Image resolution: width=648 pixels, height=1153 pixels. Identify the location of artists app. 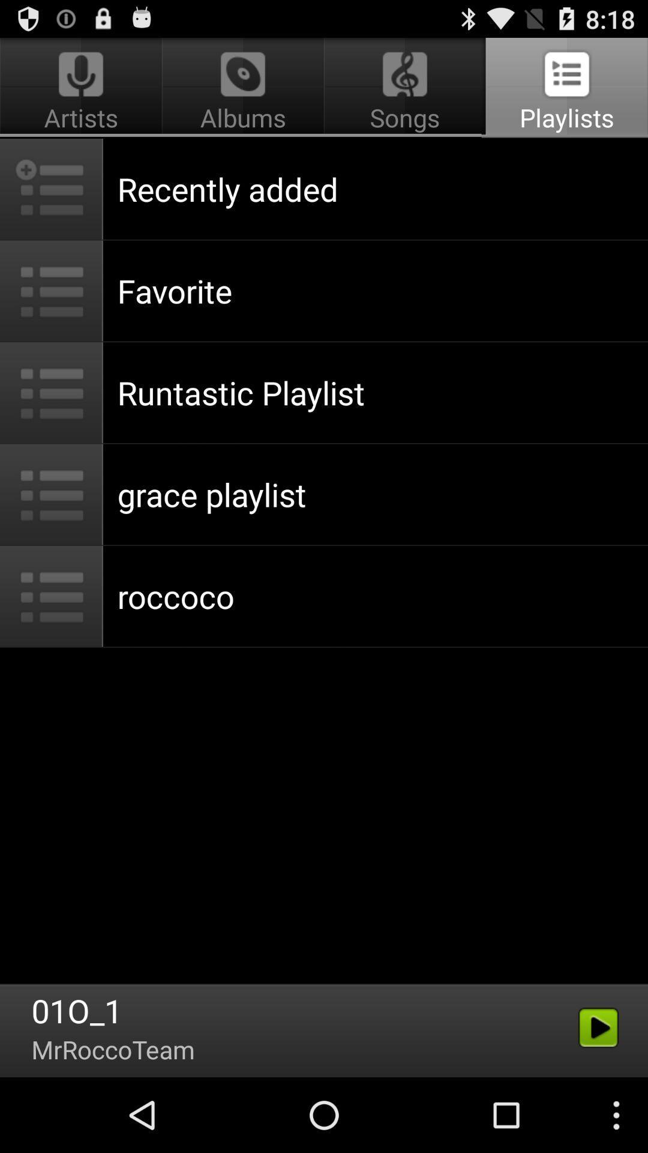
(82, 88).